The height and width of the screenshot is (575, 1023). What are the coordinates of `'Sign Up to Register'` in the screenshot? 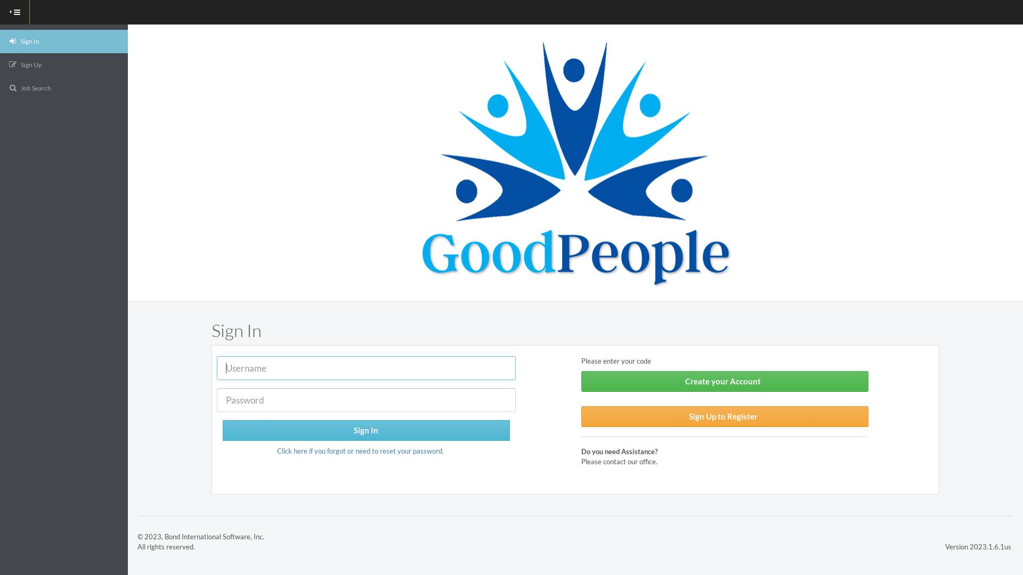 It's located at (725, 416).